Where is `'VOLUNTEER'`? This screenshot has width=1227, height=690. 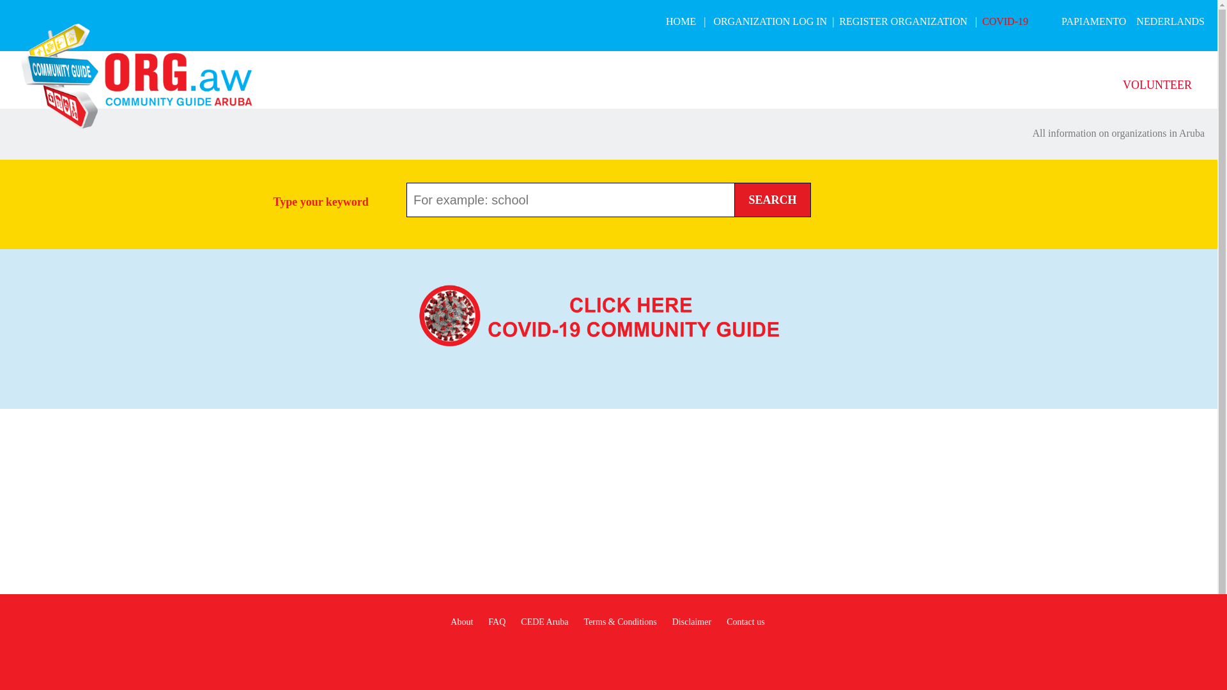 'VOLUNTEER' is located at coordinates (1122, 84).